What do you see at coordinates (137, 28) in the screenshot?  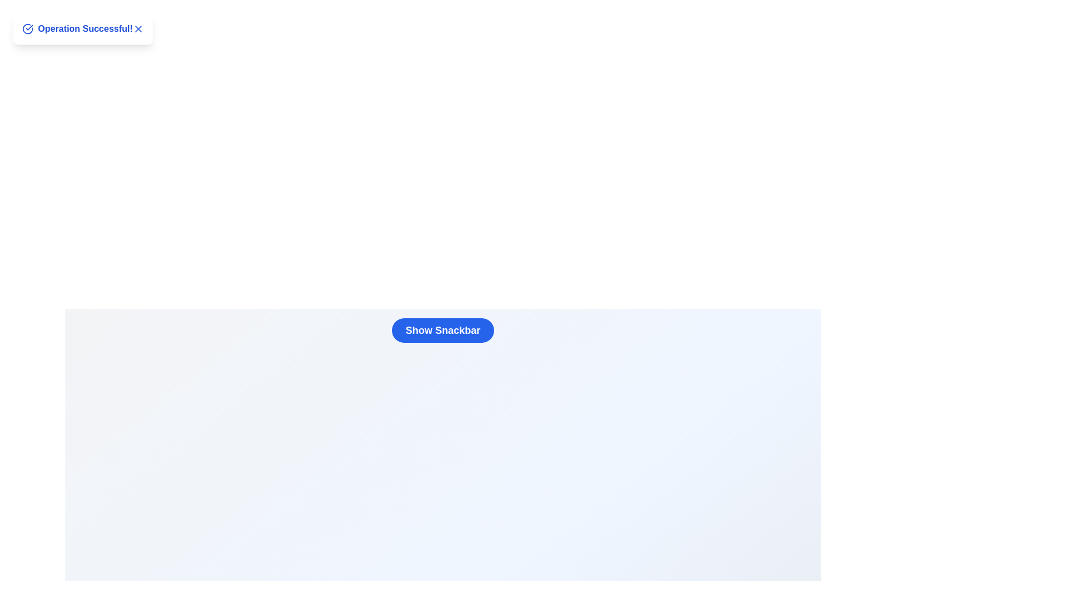 I see `the close button ('X') in the snackbar to hide it` at bounding box center [137, 28].